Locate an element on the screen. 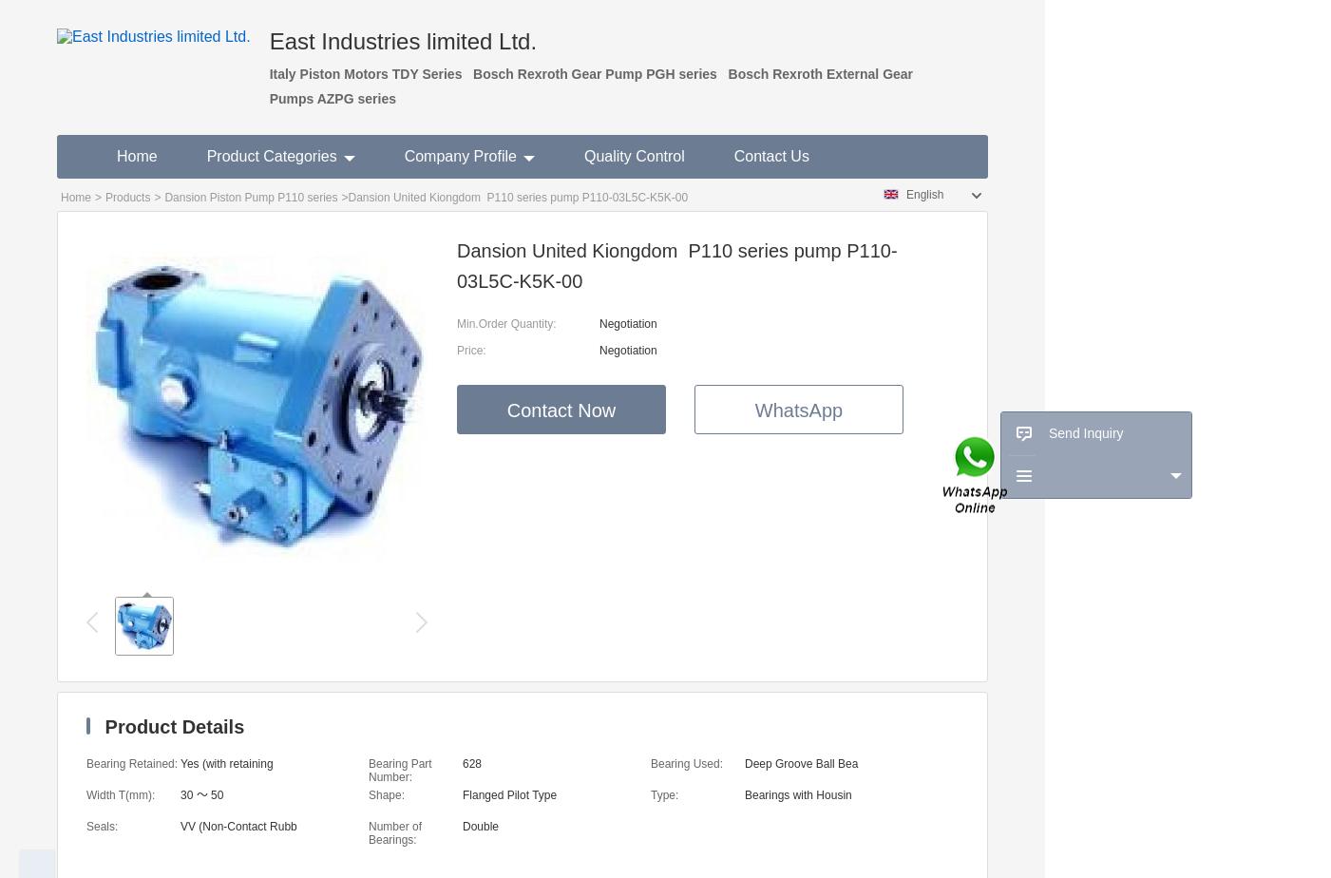  'Deep Groove Ball Bea' is located at coordinates (801, 763).